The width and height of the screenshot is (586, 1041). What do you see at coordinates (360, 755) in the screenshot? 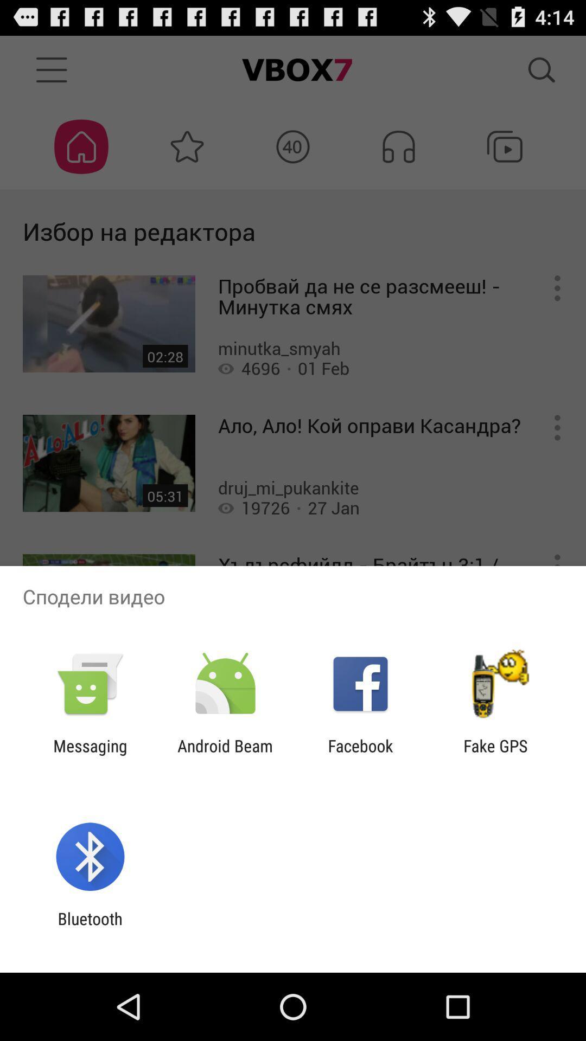
I see `the app next to fake gps item` at bounding box center [360, 755].